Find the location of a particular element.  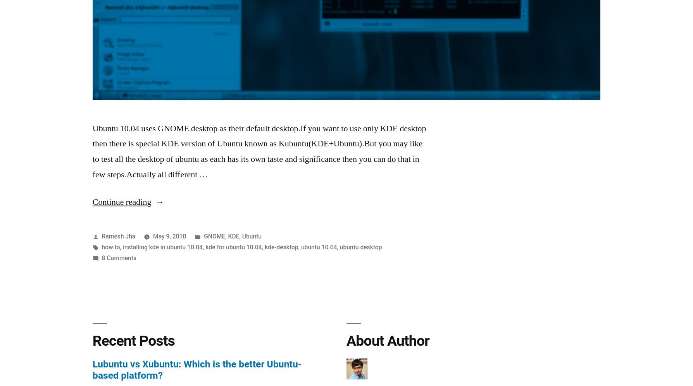

'Ramesh Jha' is located at coordinates (118, 235).